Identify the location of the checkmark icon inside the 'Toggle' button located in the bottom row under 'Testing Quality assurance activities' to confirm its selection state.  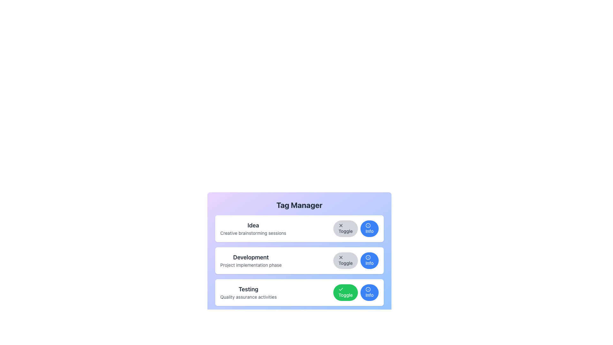
(341, 289).